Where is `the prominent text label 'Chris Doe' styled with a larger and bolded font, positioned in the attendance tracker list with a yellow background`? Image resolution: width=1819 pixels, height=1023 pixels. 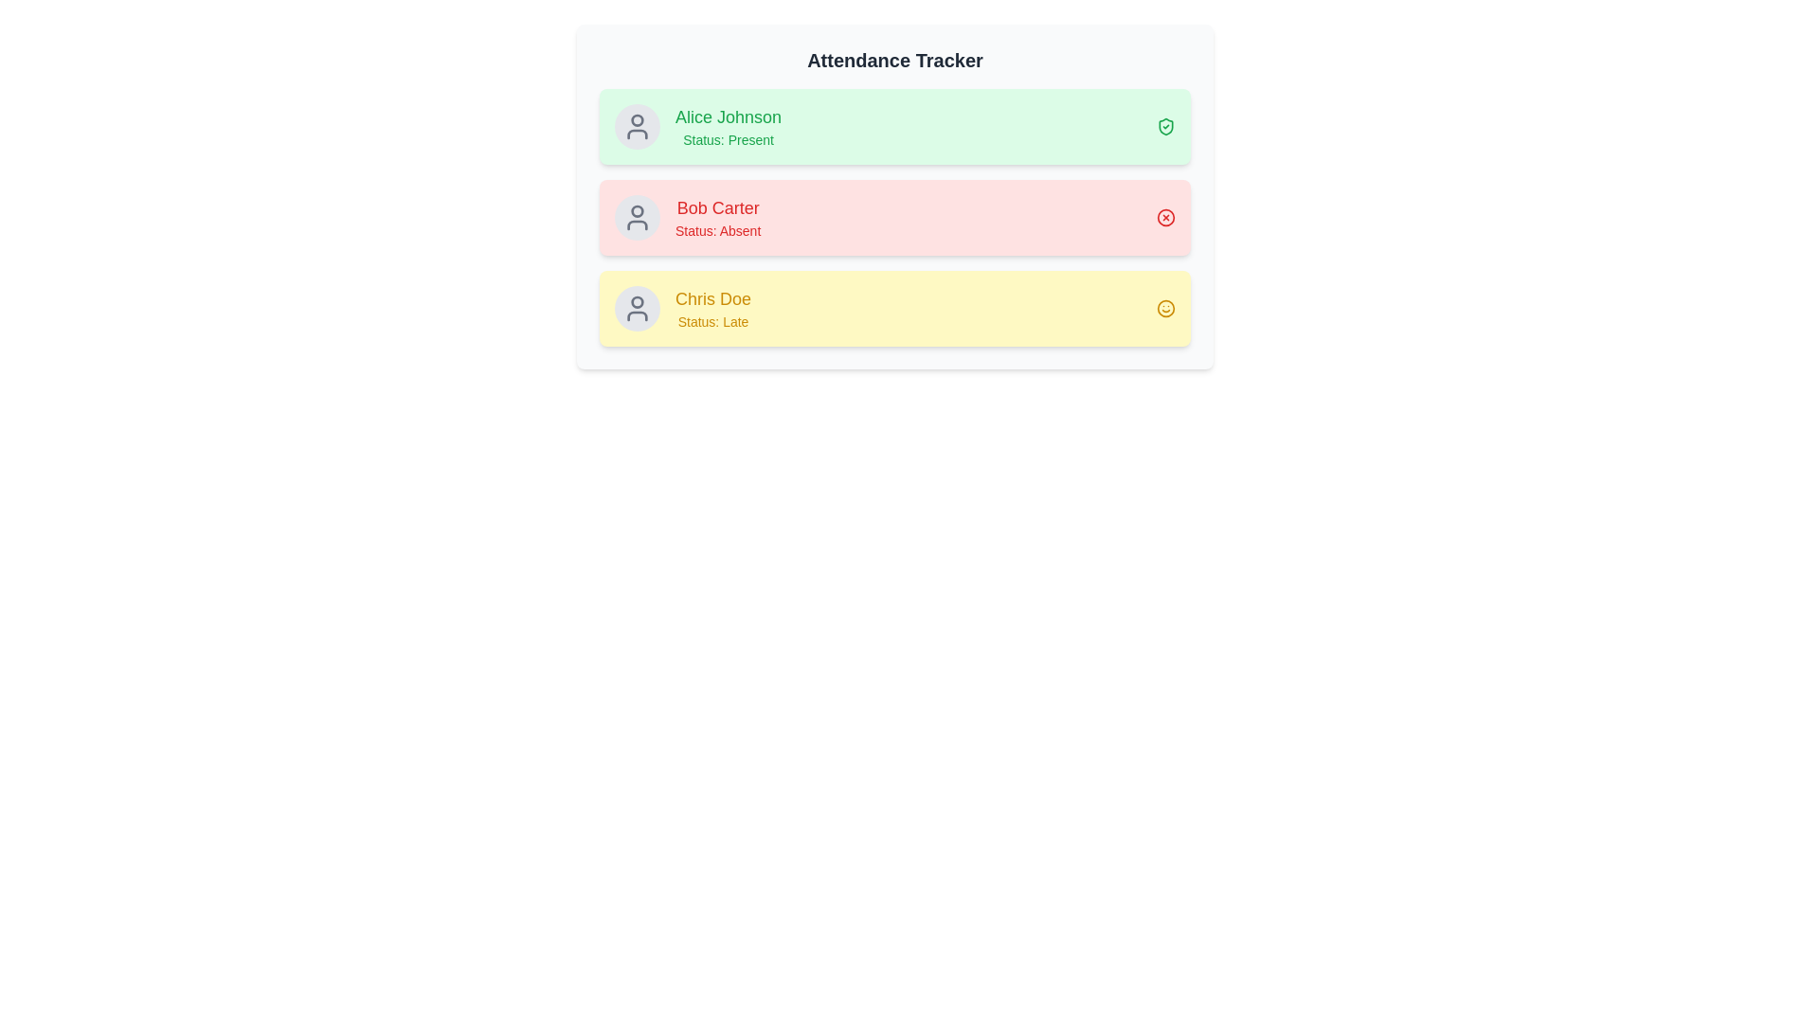
the prominent text label 'Chris Doe' styled with a larger and bolded font, positioned in the attendance tracker list with a yellow background is located at coordinates (712, 298).